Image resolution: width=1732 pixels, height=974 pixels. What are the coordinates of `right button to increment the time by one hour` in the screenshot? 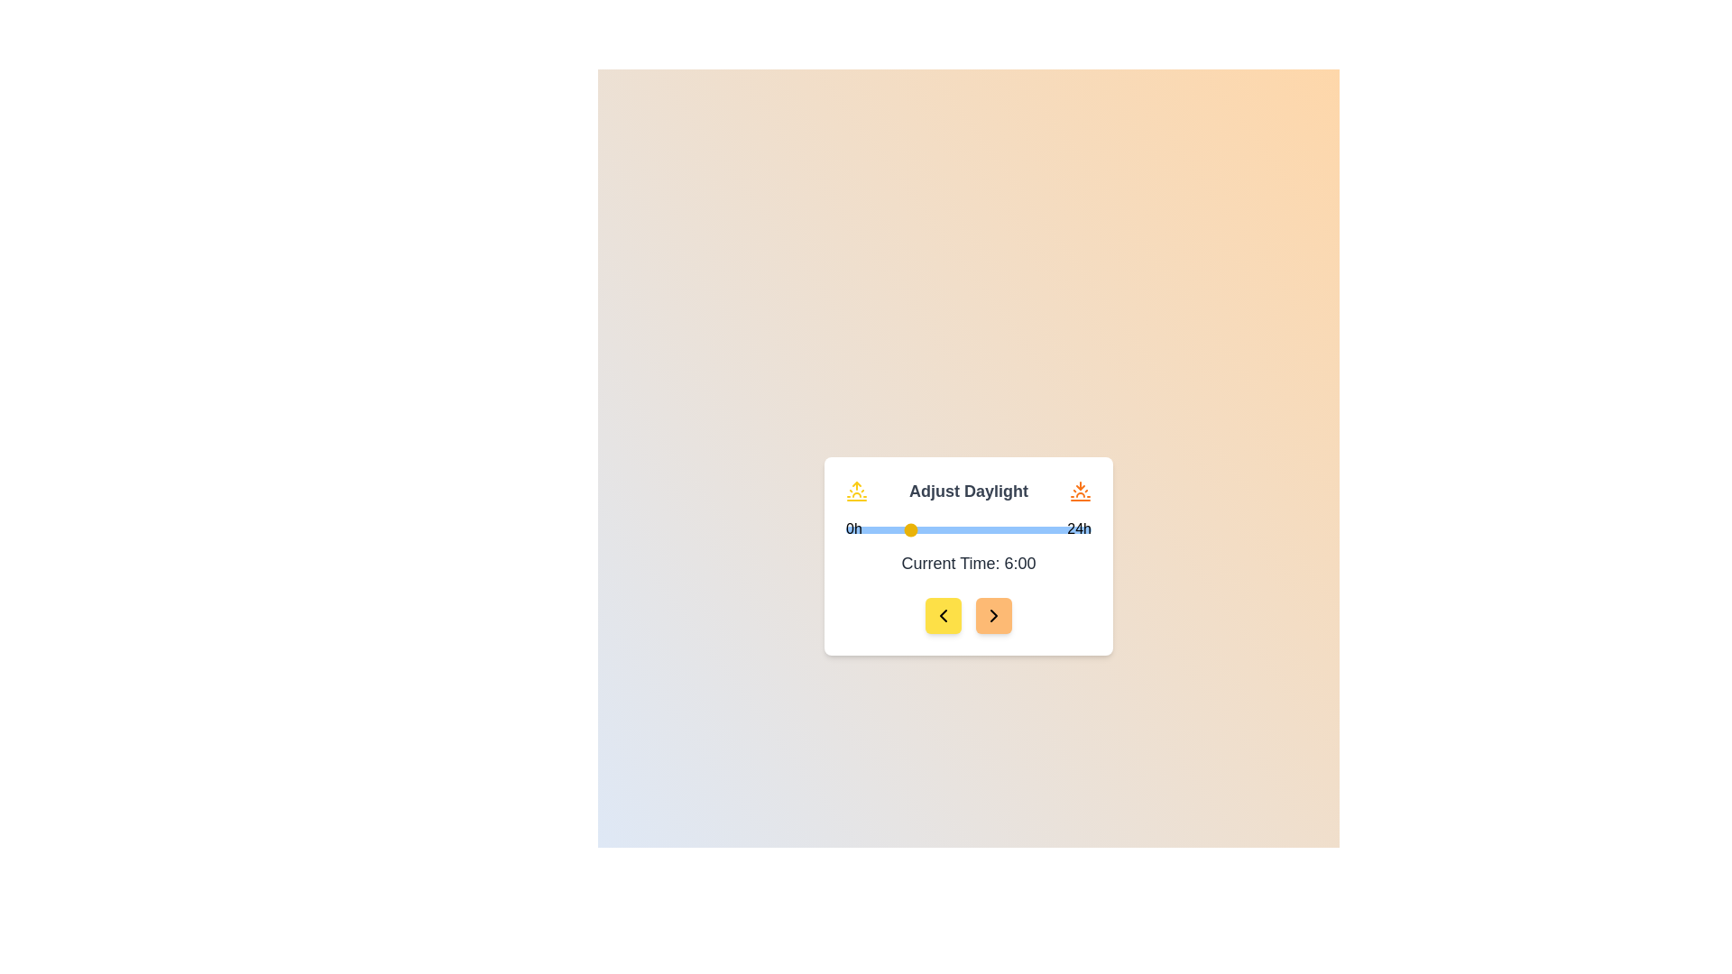 It's located at (993, 614).